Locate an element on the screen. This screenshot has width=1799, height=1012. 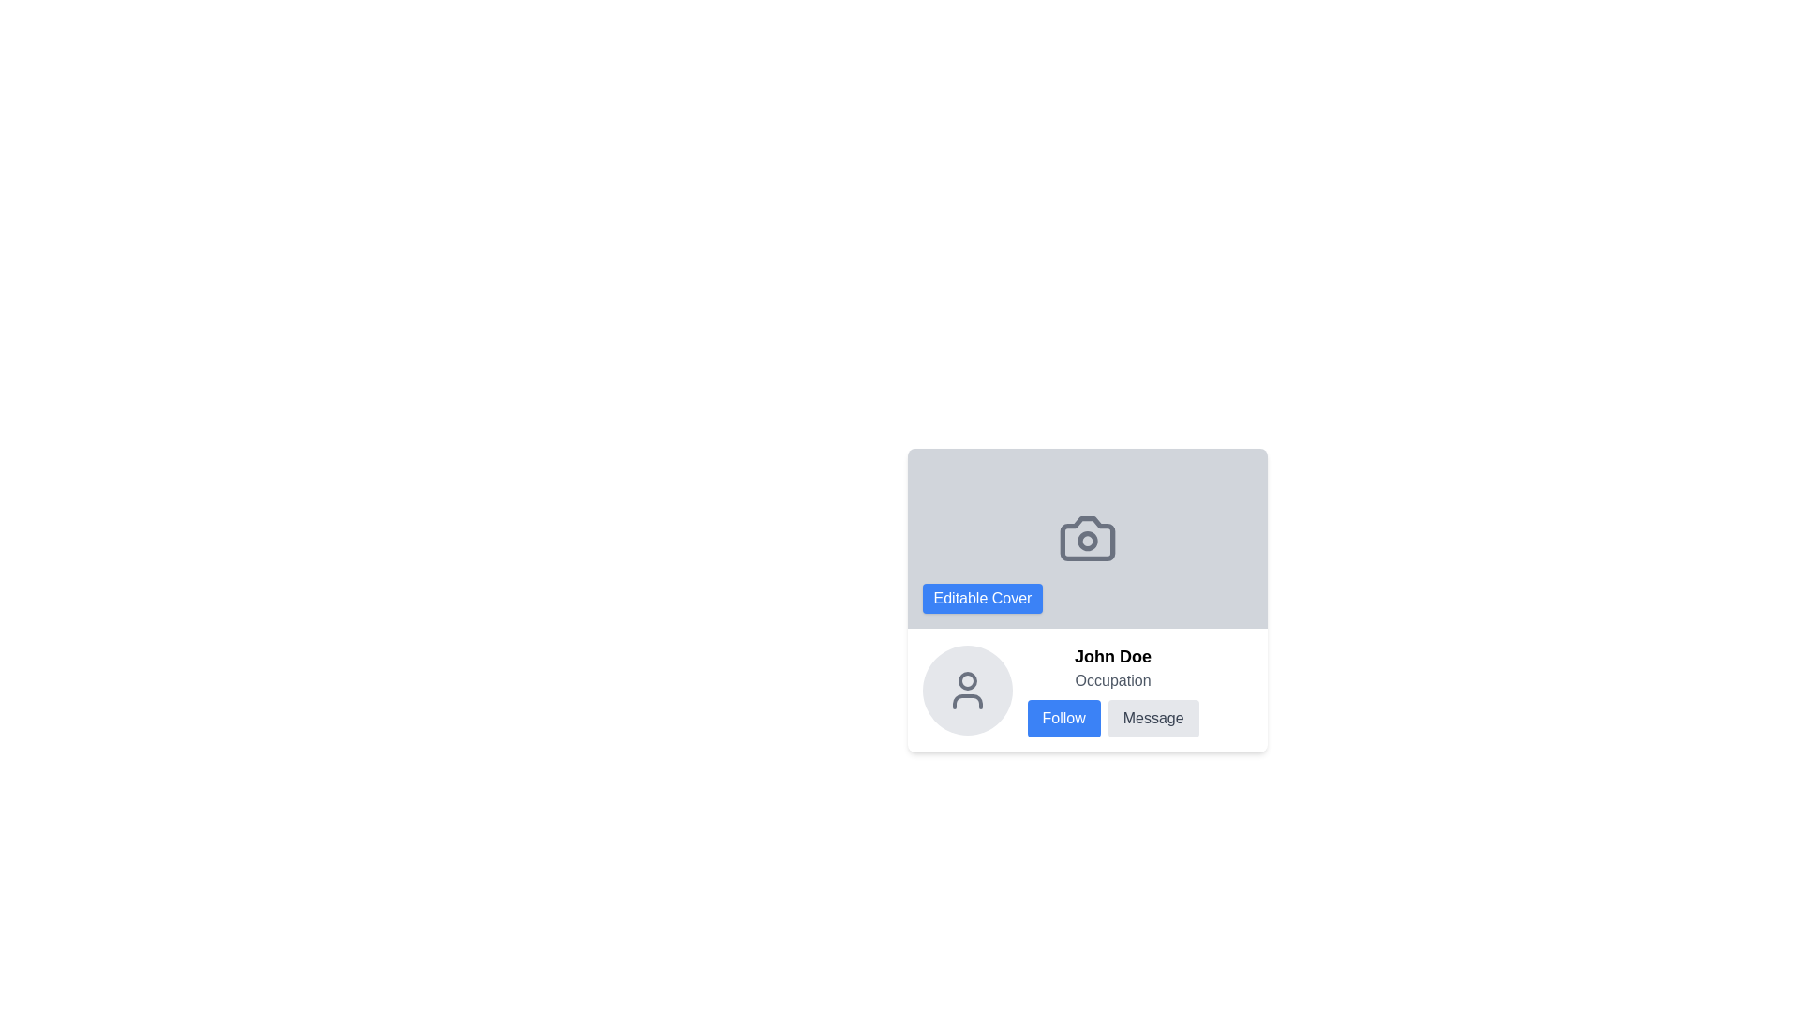
the Text Label that describes the profile information, positioned directly under 'John Doe' is located at coordinates (1113, 680).